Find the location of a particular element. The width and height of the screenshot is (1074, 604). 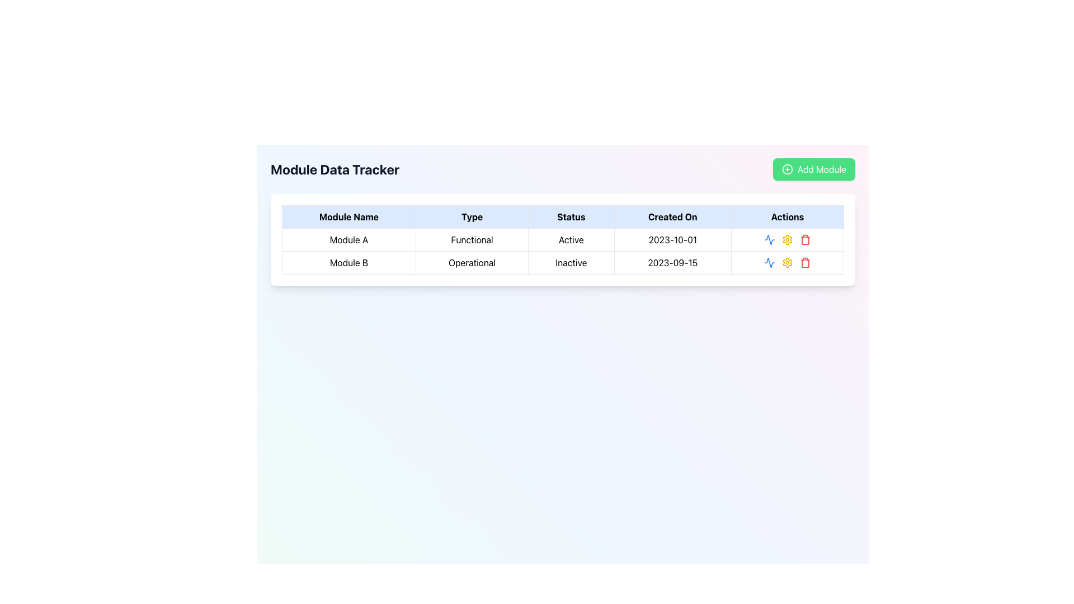

the table header labeled 'Module Name', which is styled in bold font and is the first header cell in the table representing module data is located at coordinates (348, 217).